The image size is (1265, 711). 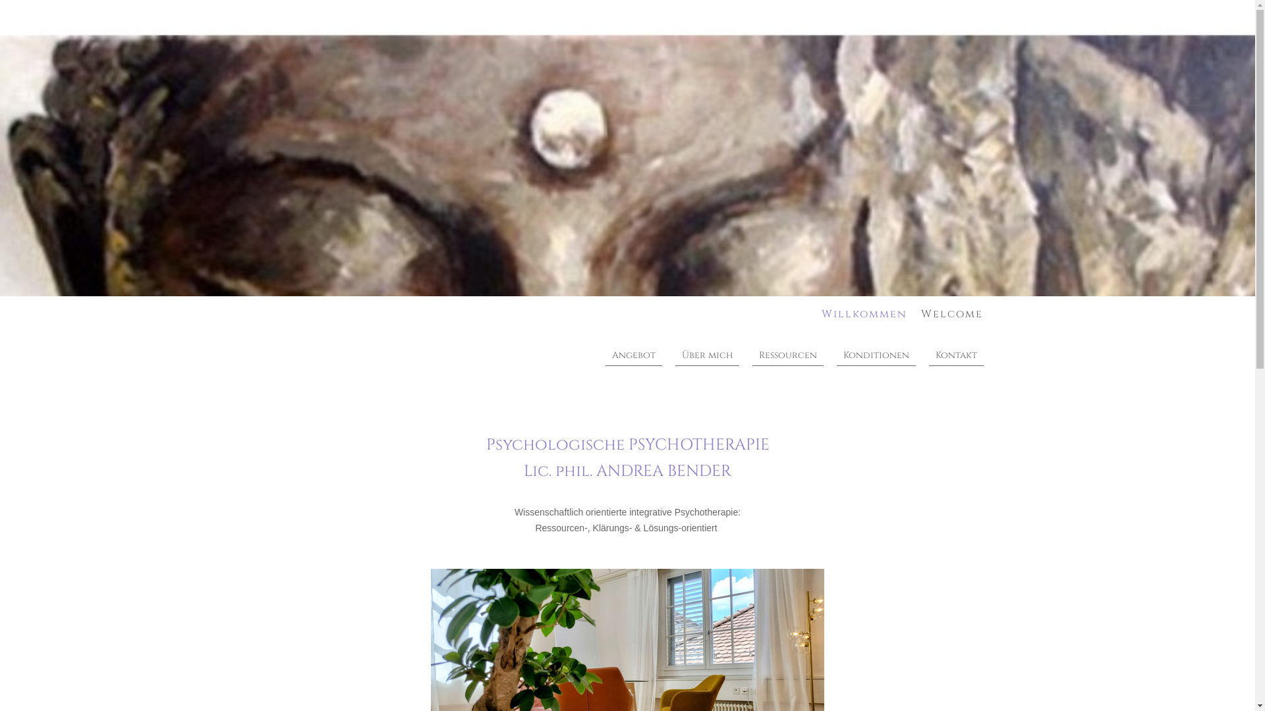 What do you see at coordinates (836, 355) in the screenshot?
I see `'Konditionen'` at bounding box center [836, 355].